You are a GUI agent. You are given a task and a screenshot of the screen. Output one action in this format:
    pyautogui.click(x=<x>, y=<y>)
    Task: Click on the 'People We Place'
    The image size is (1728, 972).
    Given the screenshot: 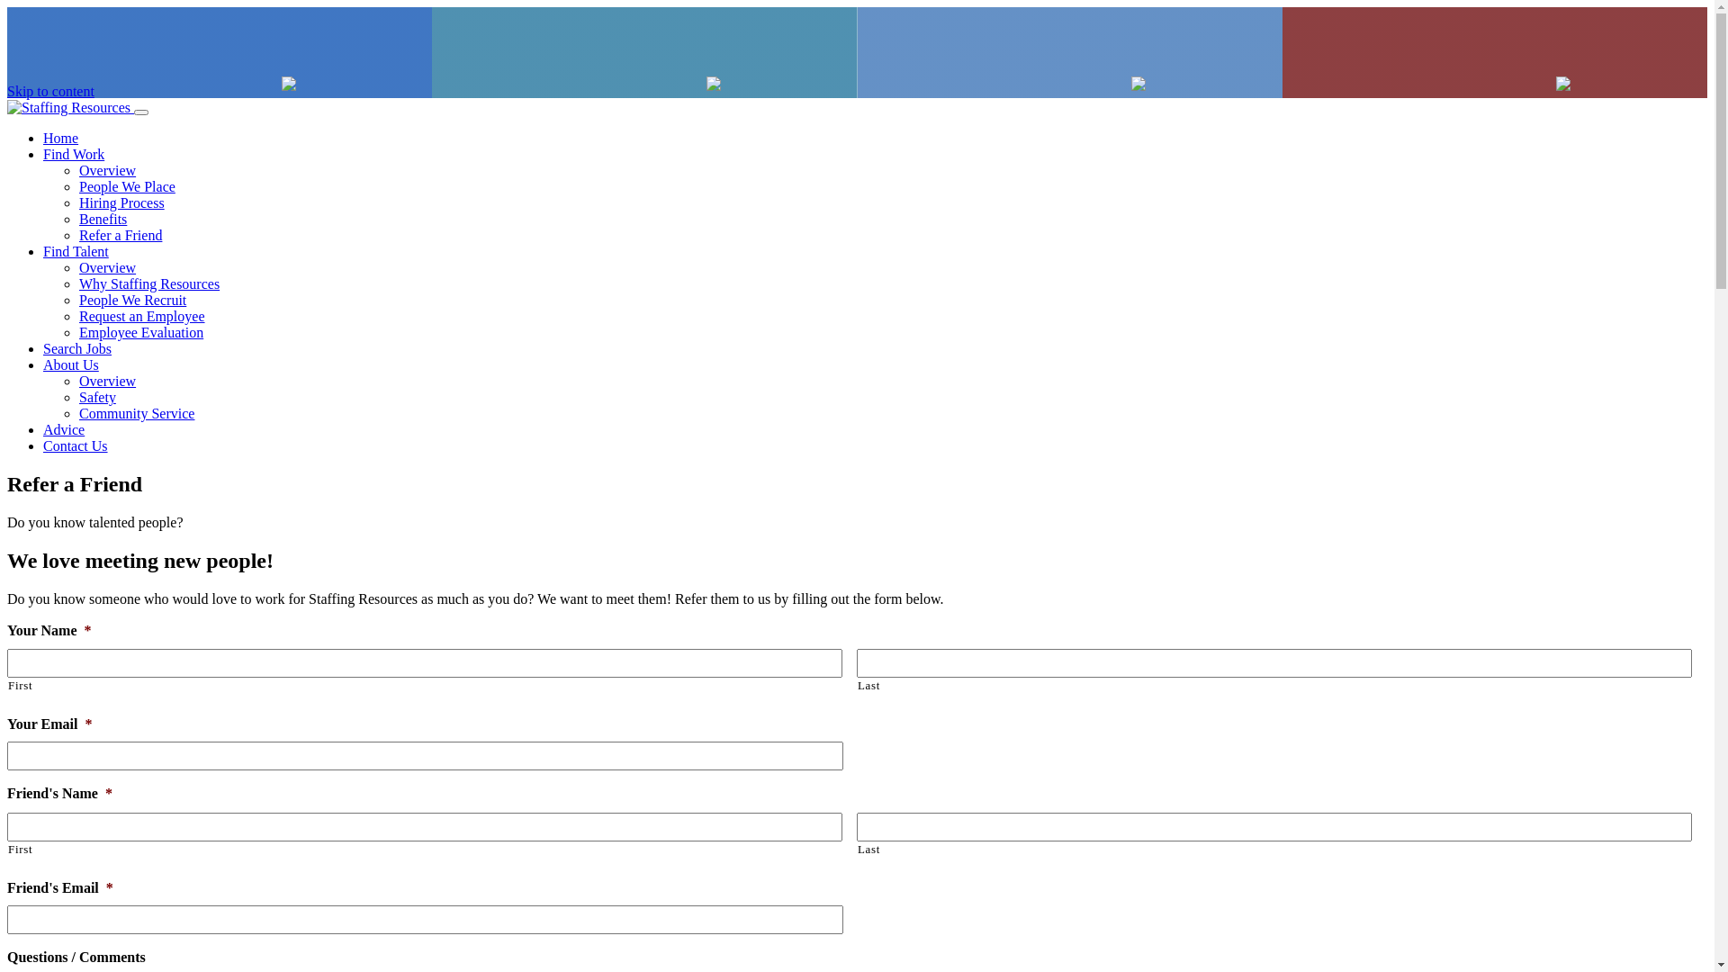 What is the action you would take?
    pyautogui.click(x=77, y=186)
    